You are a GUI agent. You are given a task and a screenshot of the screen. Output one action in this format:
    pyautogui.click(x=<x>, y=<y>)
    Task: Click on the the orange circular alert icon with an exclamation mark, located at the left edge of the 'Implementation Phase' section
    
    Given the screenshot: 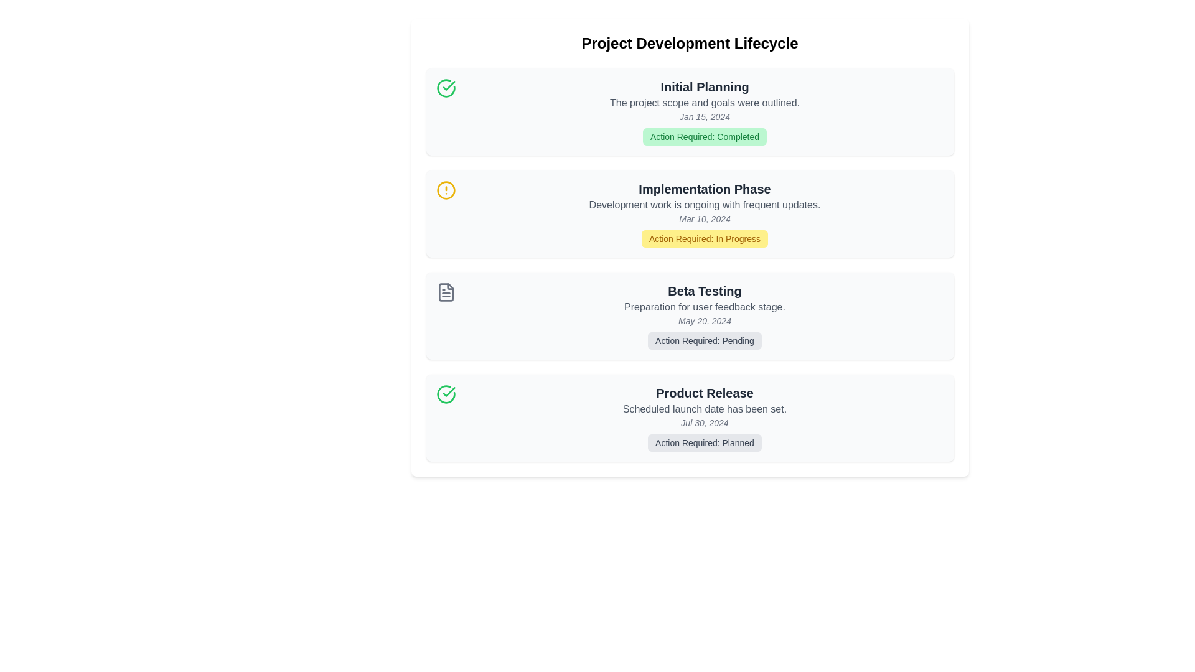 What is the action you would take?
    pyautogui.click(x=446, y=190)
    